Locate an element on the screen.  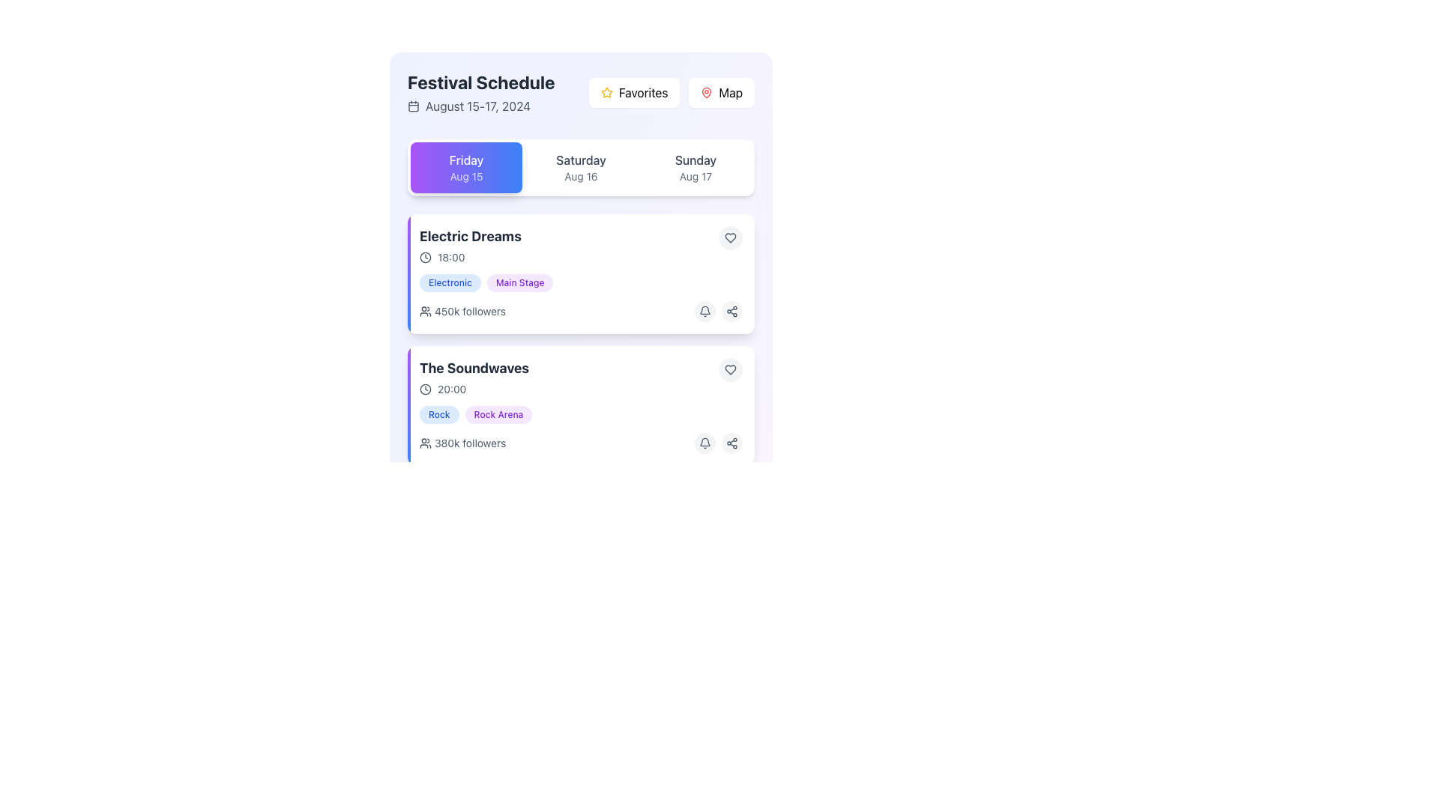
the text information block titled 'The Soundwaves' with the clock icon showing '20:00' located in the second card under the 'Friday' tab of the schedule interface is located at coordinates (474, 377).